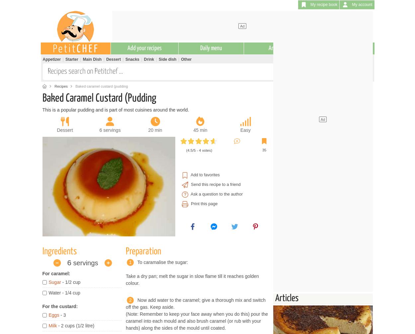 The image size is (415, 334). Describe the element at coordinates (245, 129) in the screenshot. I see `'Easy'` at that location.